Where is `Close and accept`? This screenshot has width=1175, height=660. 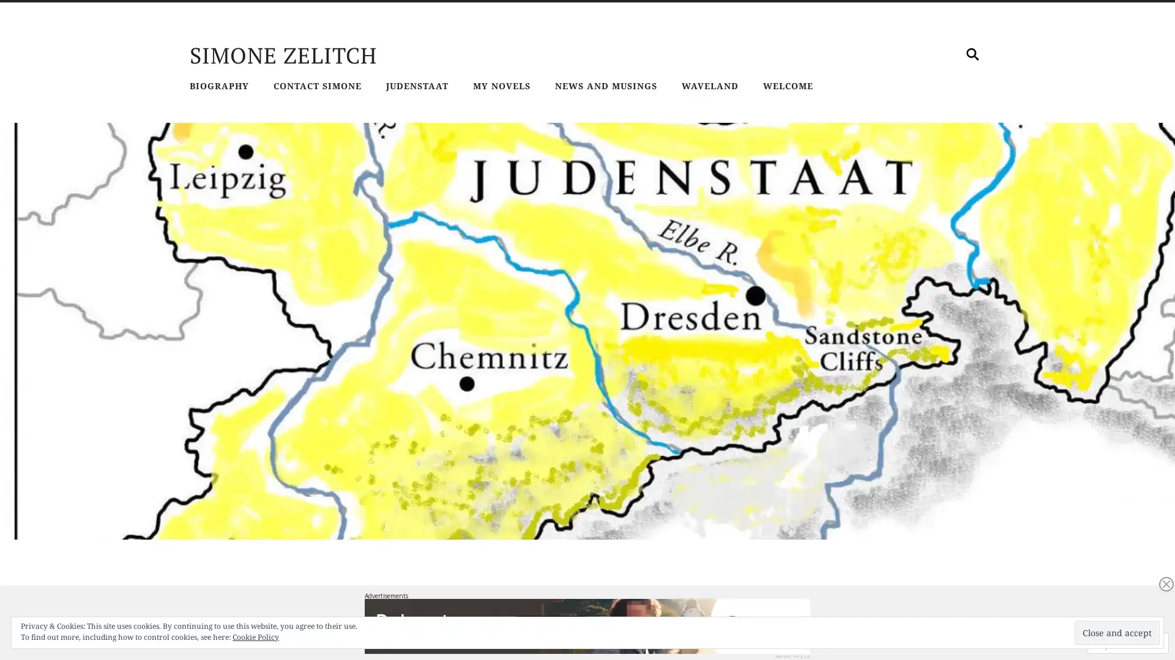
Close and accept is located at coordinates (1117, 632).